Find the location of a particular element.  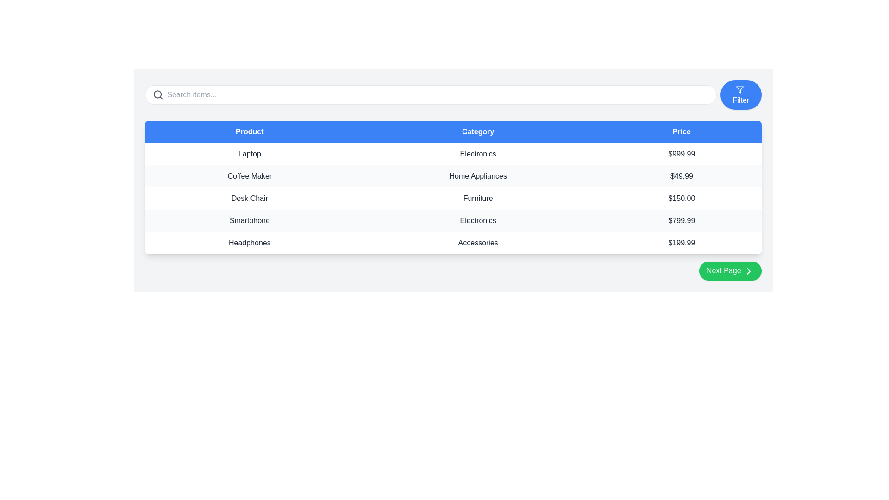

the informational static text in the middle column of the third row of the table indicating the product category, which is located under the 'Category' column header next to 'Desk Chair' and '$150.00' is located at coordinates (478, 198).